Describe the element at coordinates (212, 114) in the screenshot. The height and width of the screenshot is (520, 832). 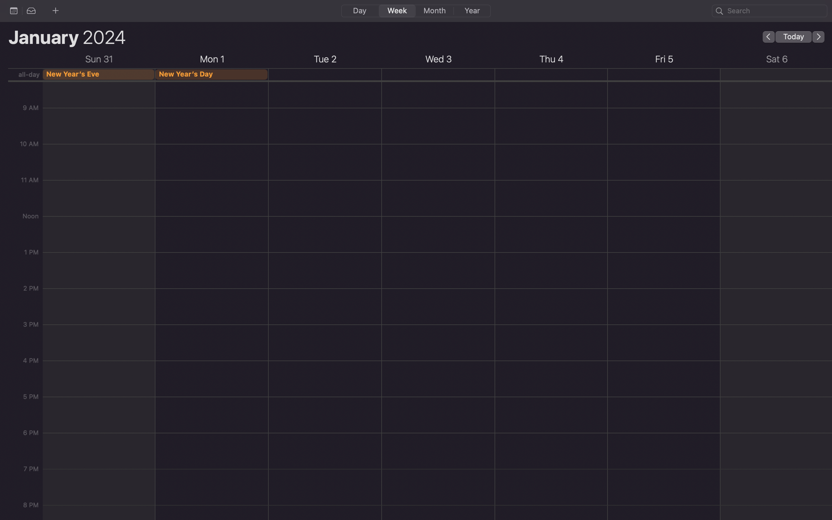
I see `Schedule a function at 10 am on the upcoming Monday` at that location.